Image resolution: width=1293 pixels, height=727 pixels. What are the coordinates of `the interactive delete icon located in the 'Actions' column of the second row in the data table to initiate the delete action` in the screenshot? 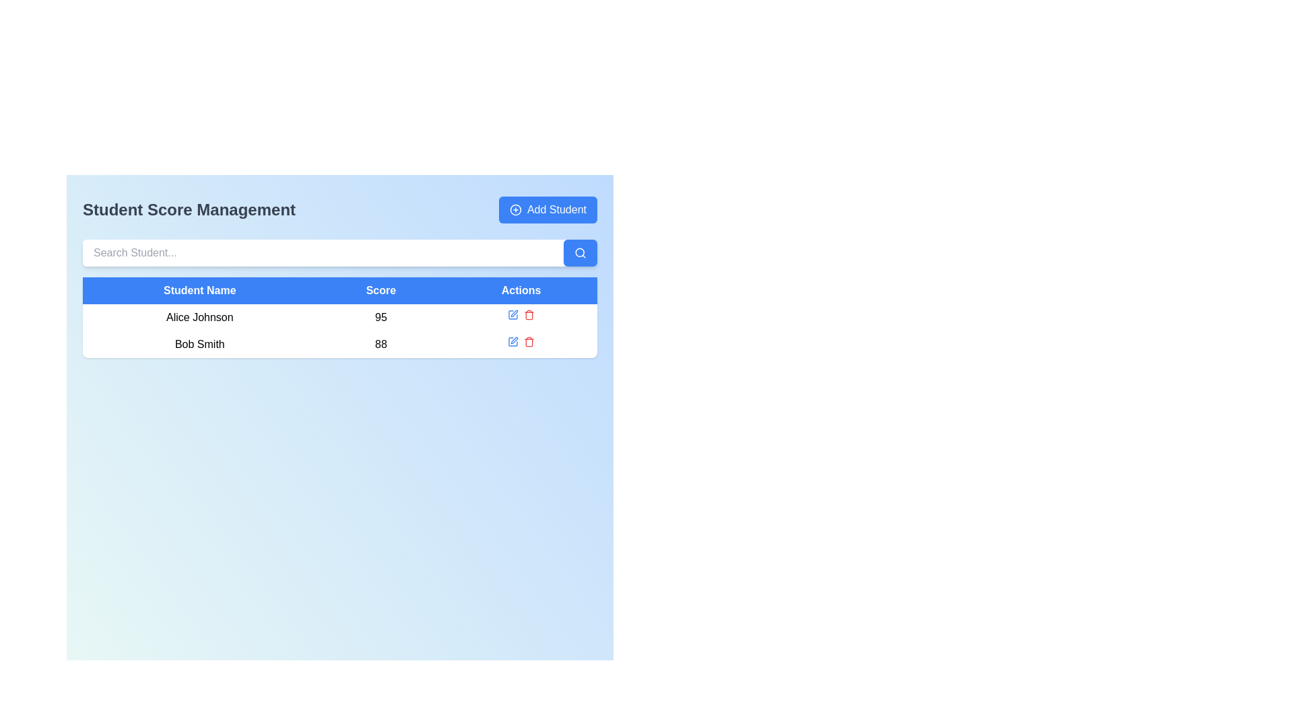 It's located at (529, 341).